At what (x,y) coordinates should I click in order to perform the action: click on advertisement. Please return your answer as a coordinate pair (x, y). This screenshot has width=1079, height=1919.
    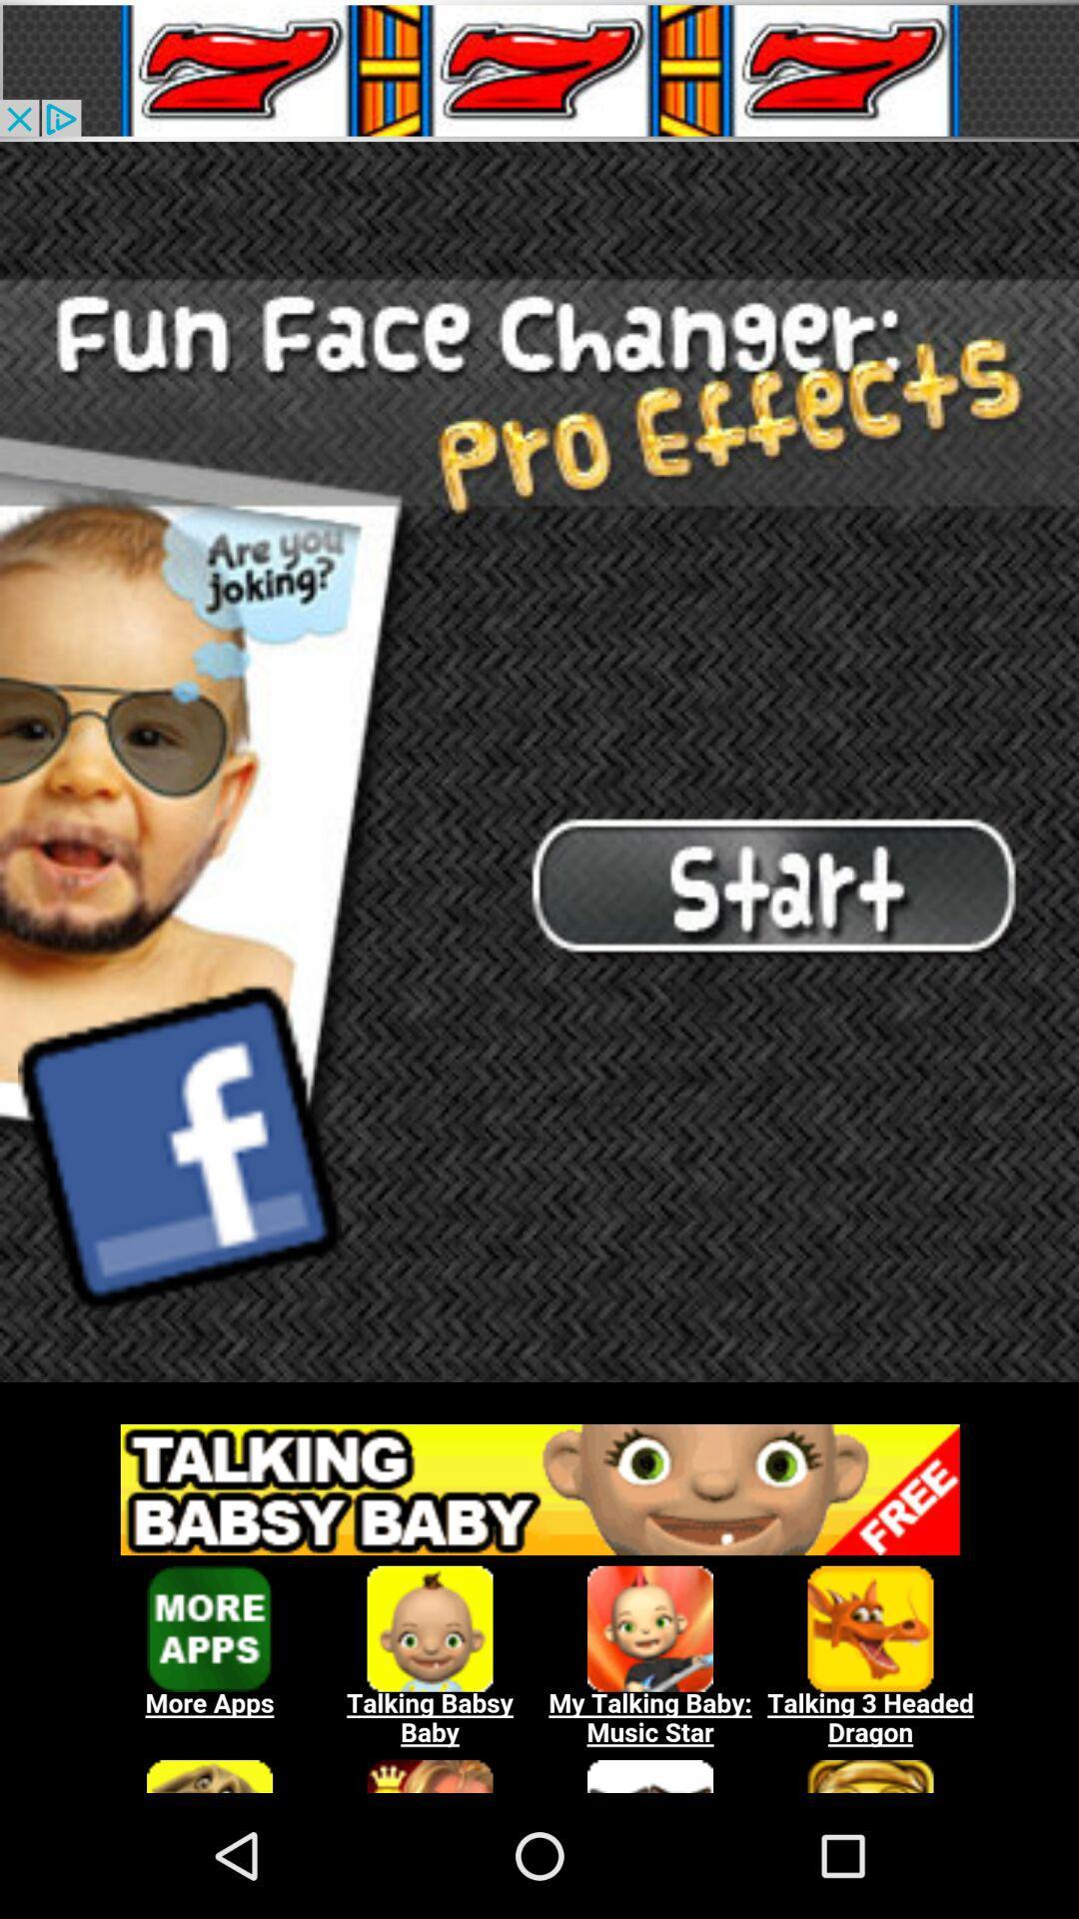
    Looking at the image, I should click on (539, 70).